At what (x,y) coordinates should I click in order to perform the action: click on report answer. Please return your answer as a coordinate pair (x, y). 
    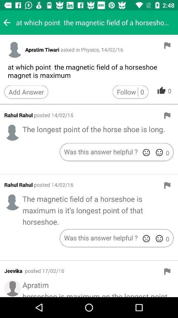
    Looking at the image, I should click on (167, 45).